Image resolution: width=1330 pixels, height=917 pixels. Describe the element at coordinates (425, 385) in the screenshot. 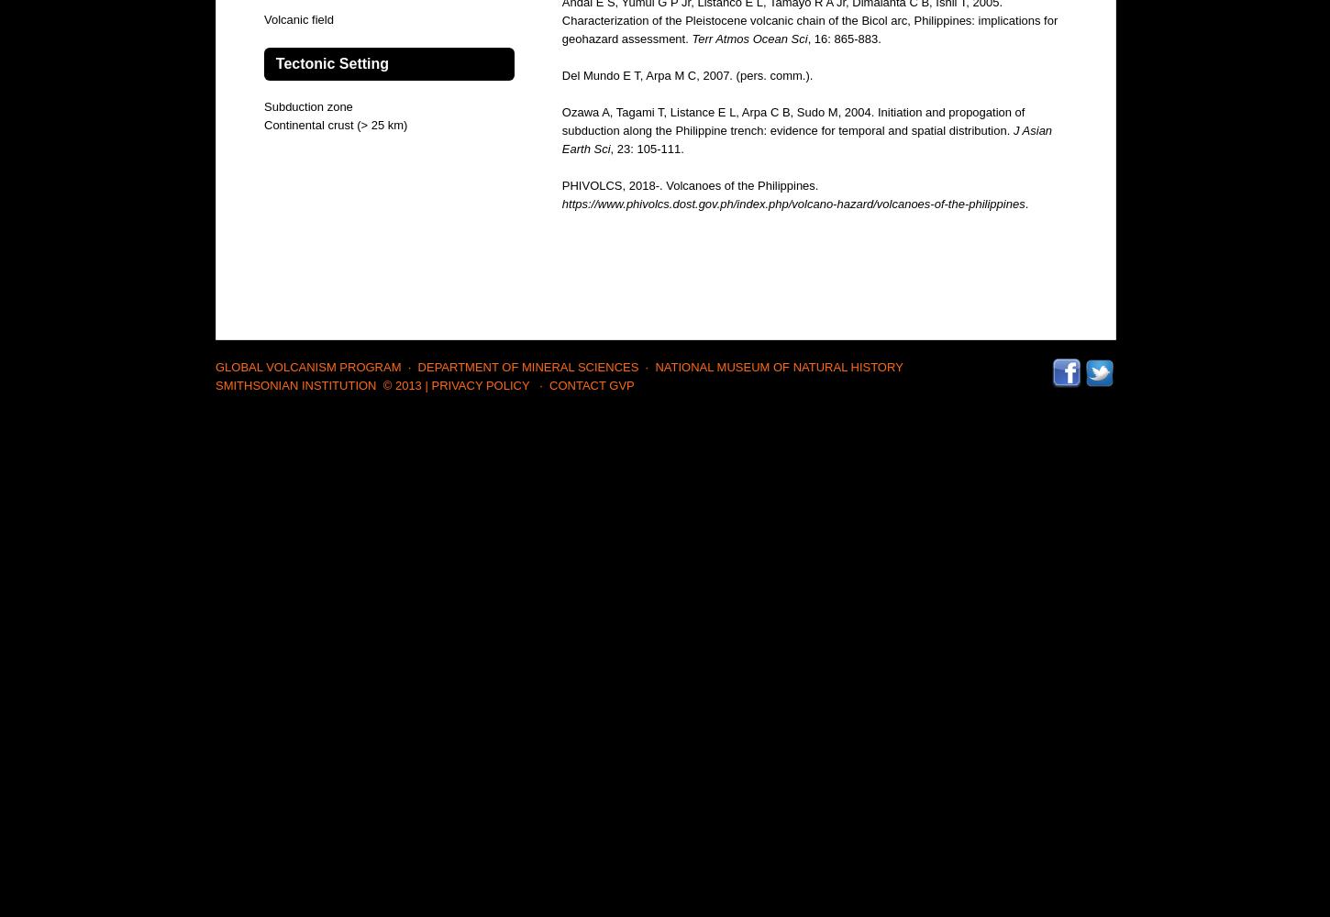

I see `'|'` at that location.